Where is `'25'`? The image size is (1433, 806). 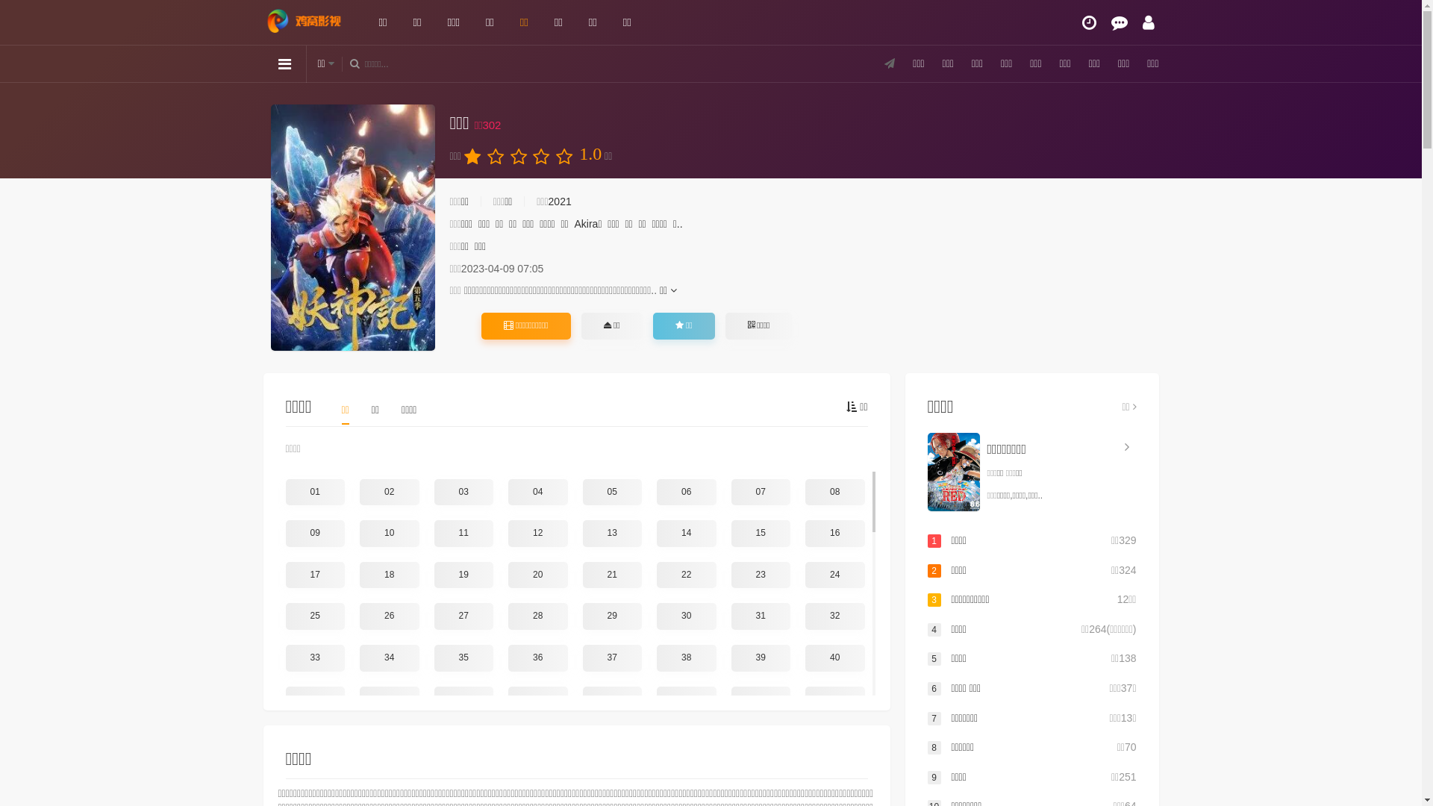
'25' is located at coordinates (285, 616).